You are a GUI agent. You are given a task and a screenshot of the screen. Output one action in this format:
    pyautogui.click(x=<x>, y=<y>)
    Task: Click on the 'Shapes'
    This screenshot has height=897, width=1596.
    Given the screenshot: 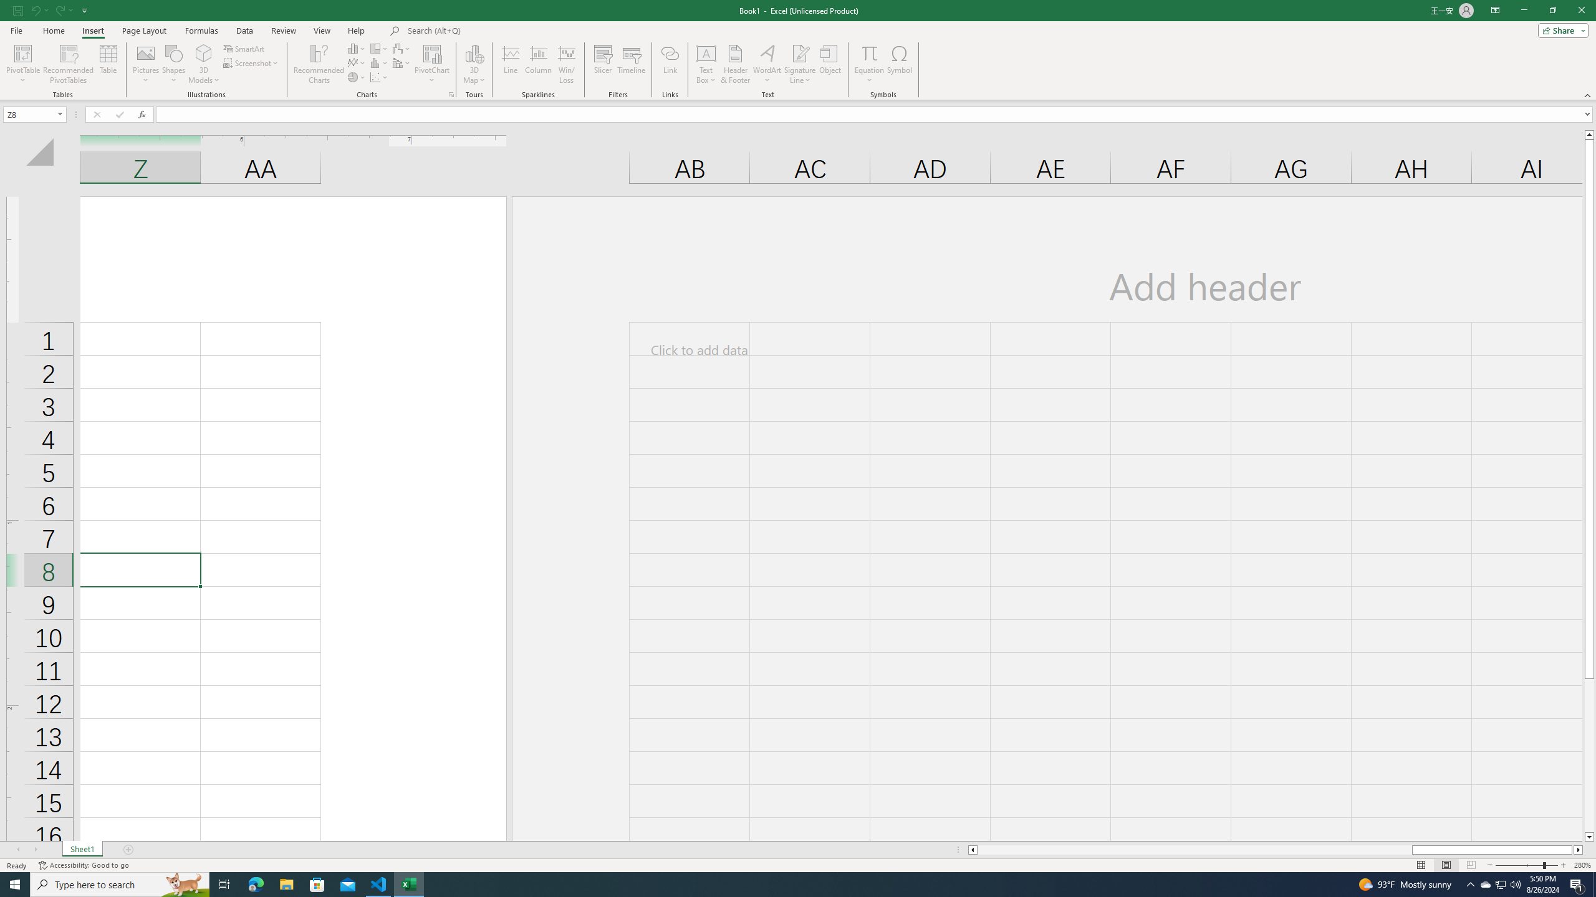 What is the action you would take?
    pyautogui.click(x=173, y=64)
    